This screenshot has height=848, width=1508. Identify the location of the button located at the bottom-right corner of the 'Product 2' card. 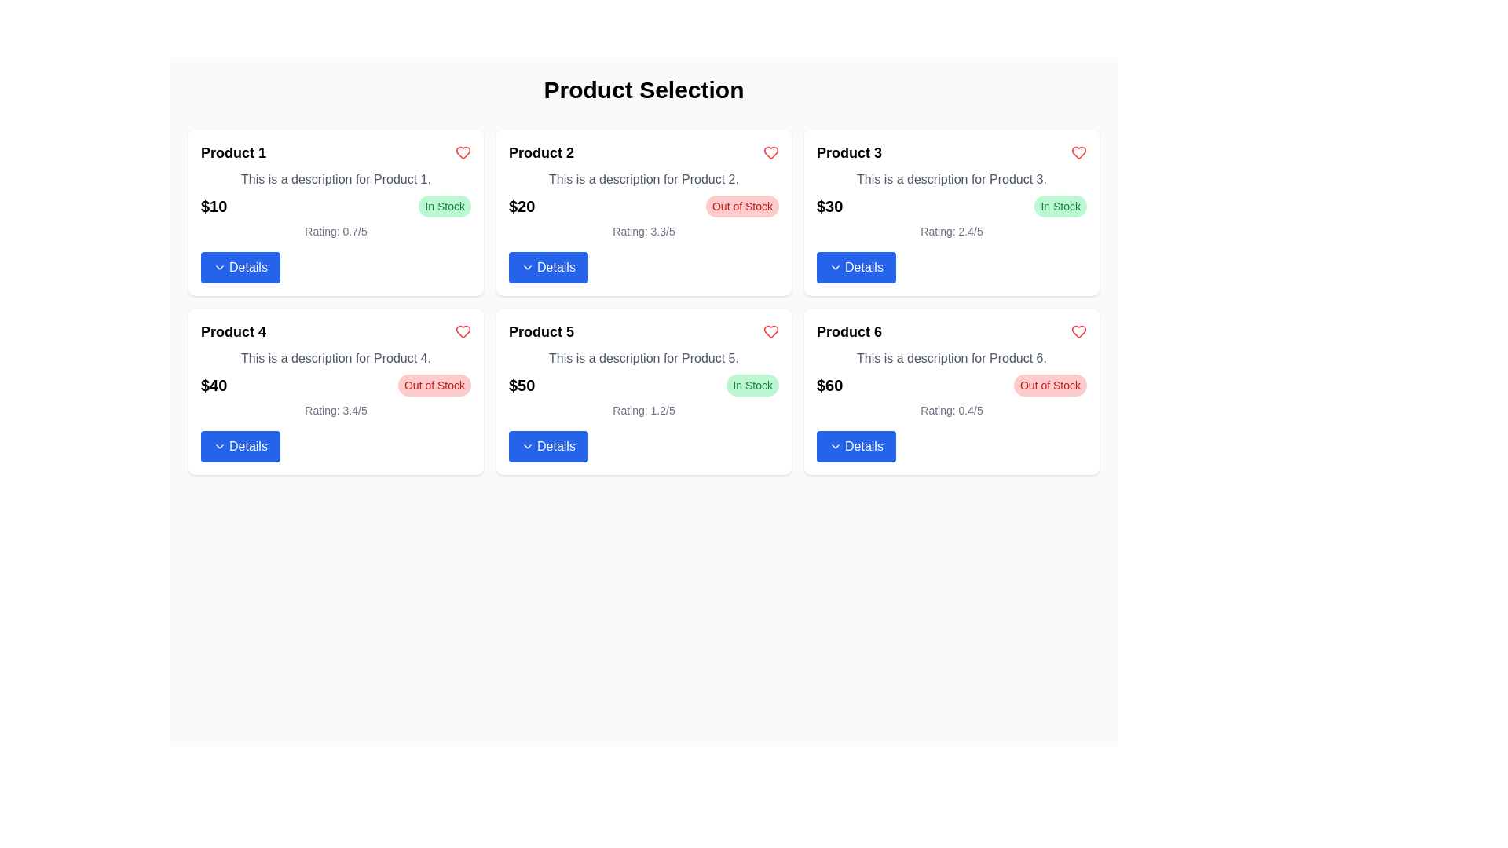
(548, 266).